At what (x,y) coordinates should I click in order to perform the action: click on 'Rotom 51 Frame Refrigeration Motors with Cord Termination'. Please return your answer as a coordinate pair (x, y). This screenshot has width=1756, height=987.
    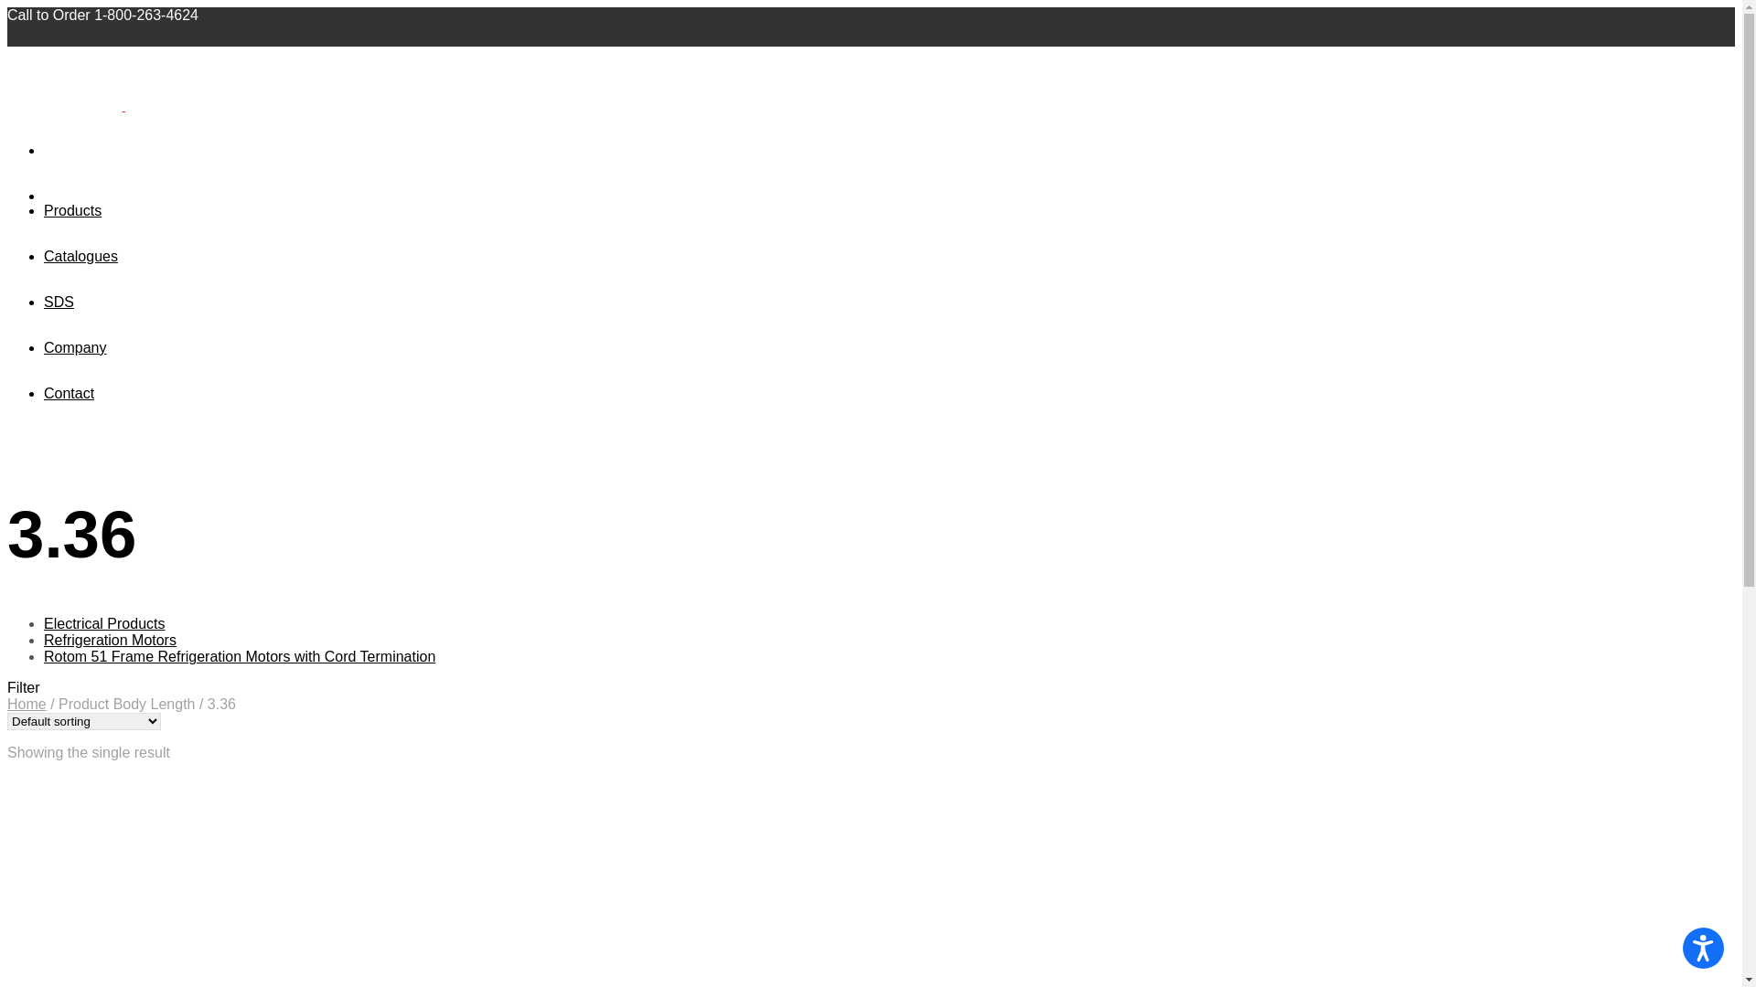
    Looking at the image, I should click on (239, 655).